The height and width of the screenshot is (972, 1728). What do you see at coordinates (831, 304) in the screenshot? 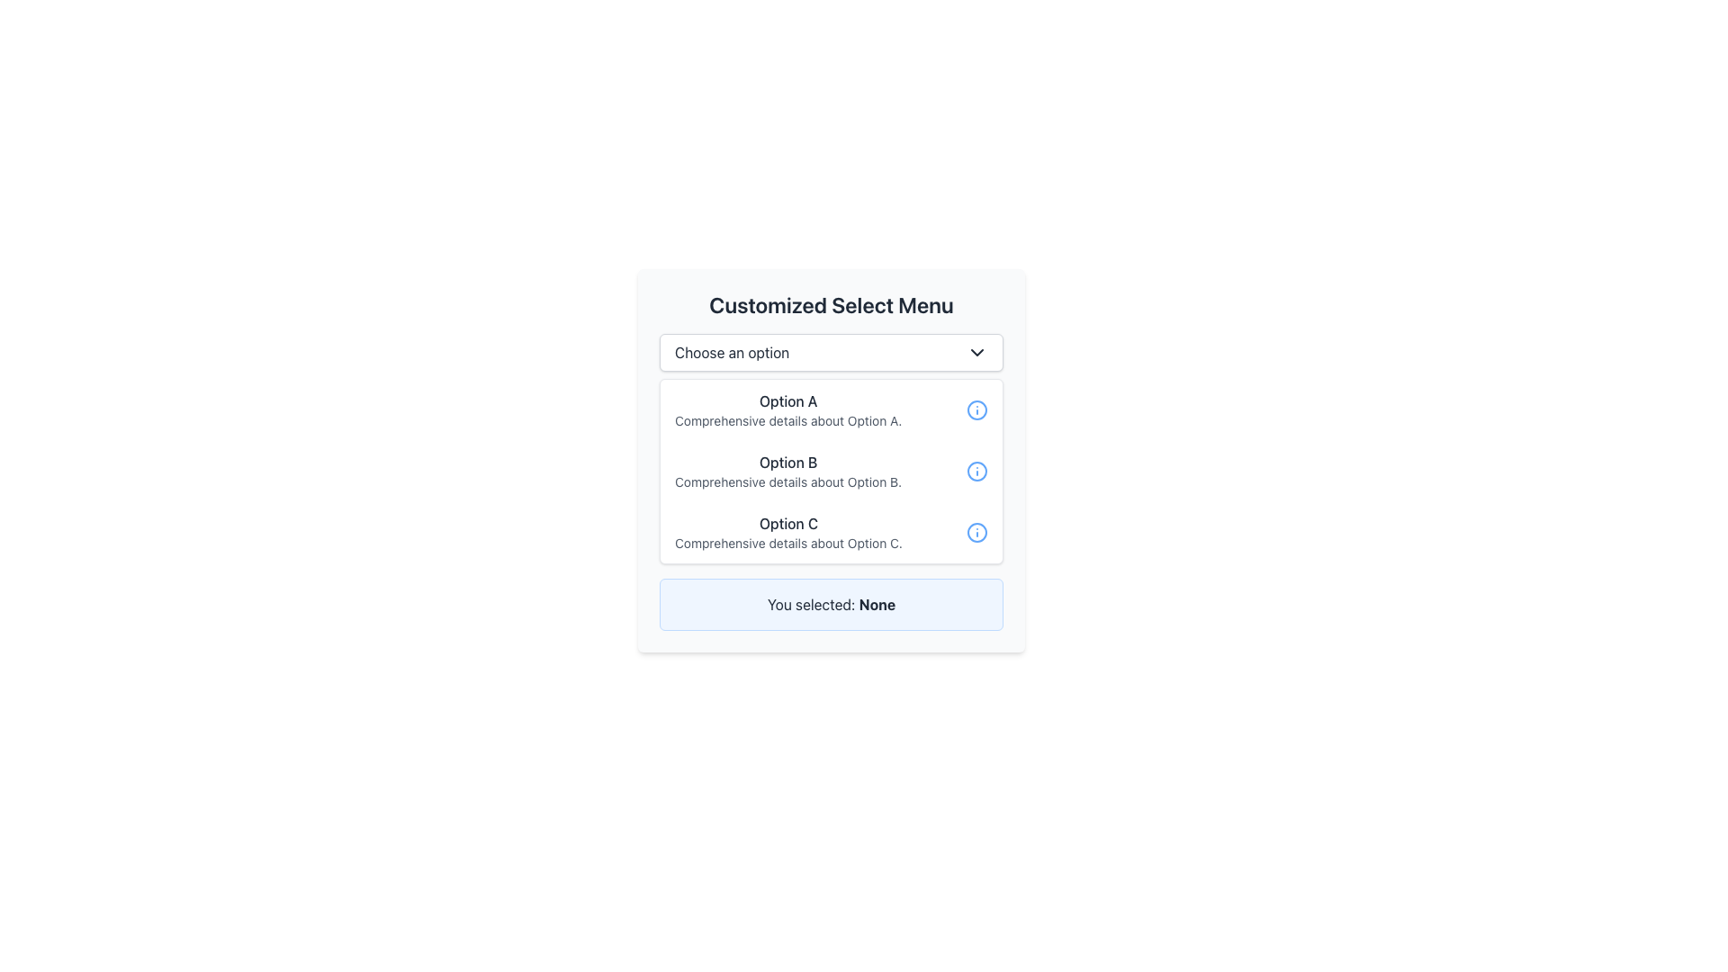
I see `the text header 'Customized Select Menu', which is displayed in large, bold, and centered font at the top of the component` at bounding box center [831, 304].